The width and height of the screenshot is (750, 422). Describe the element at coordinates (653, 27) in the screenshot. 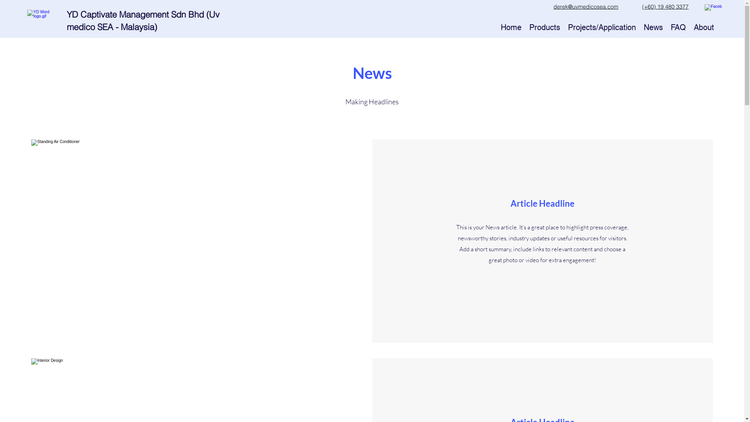

I see `'News'` at that location.